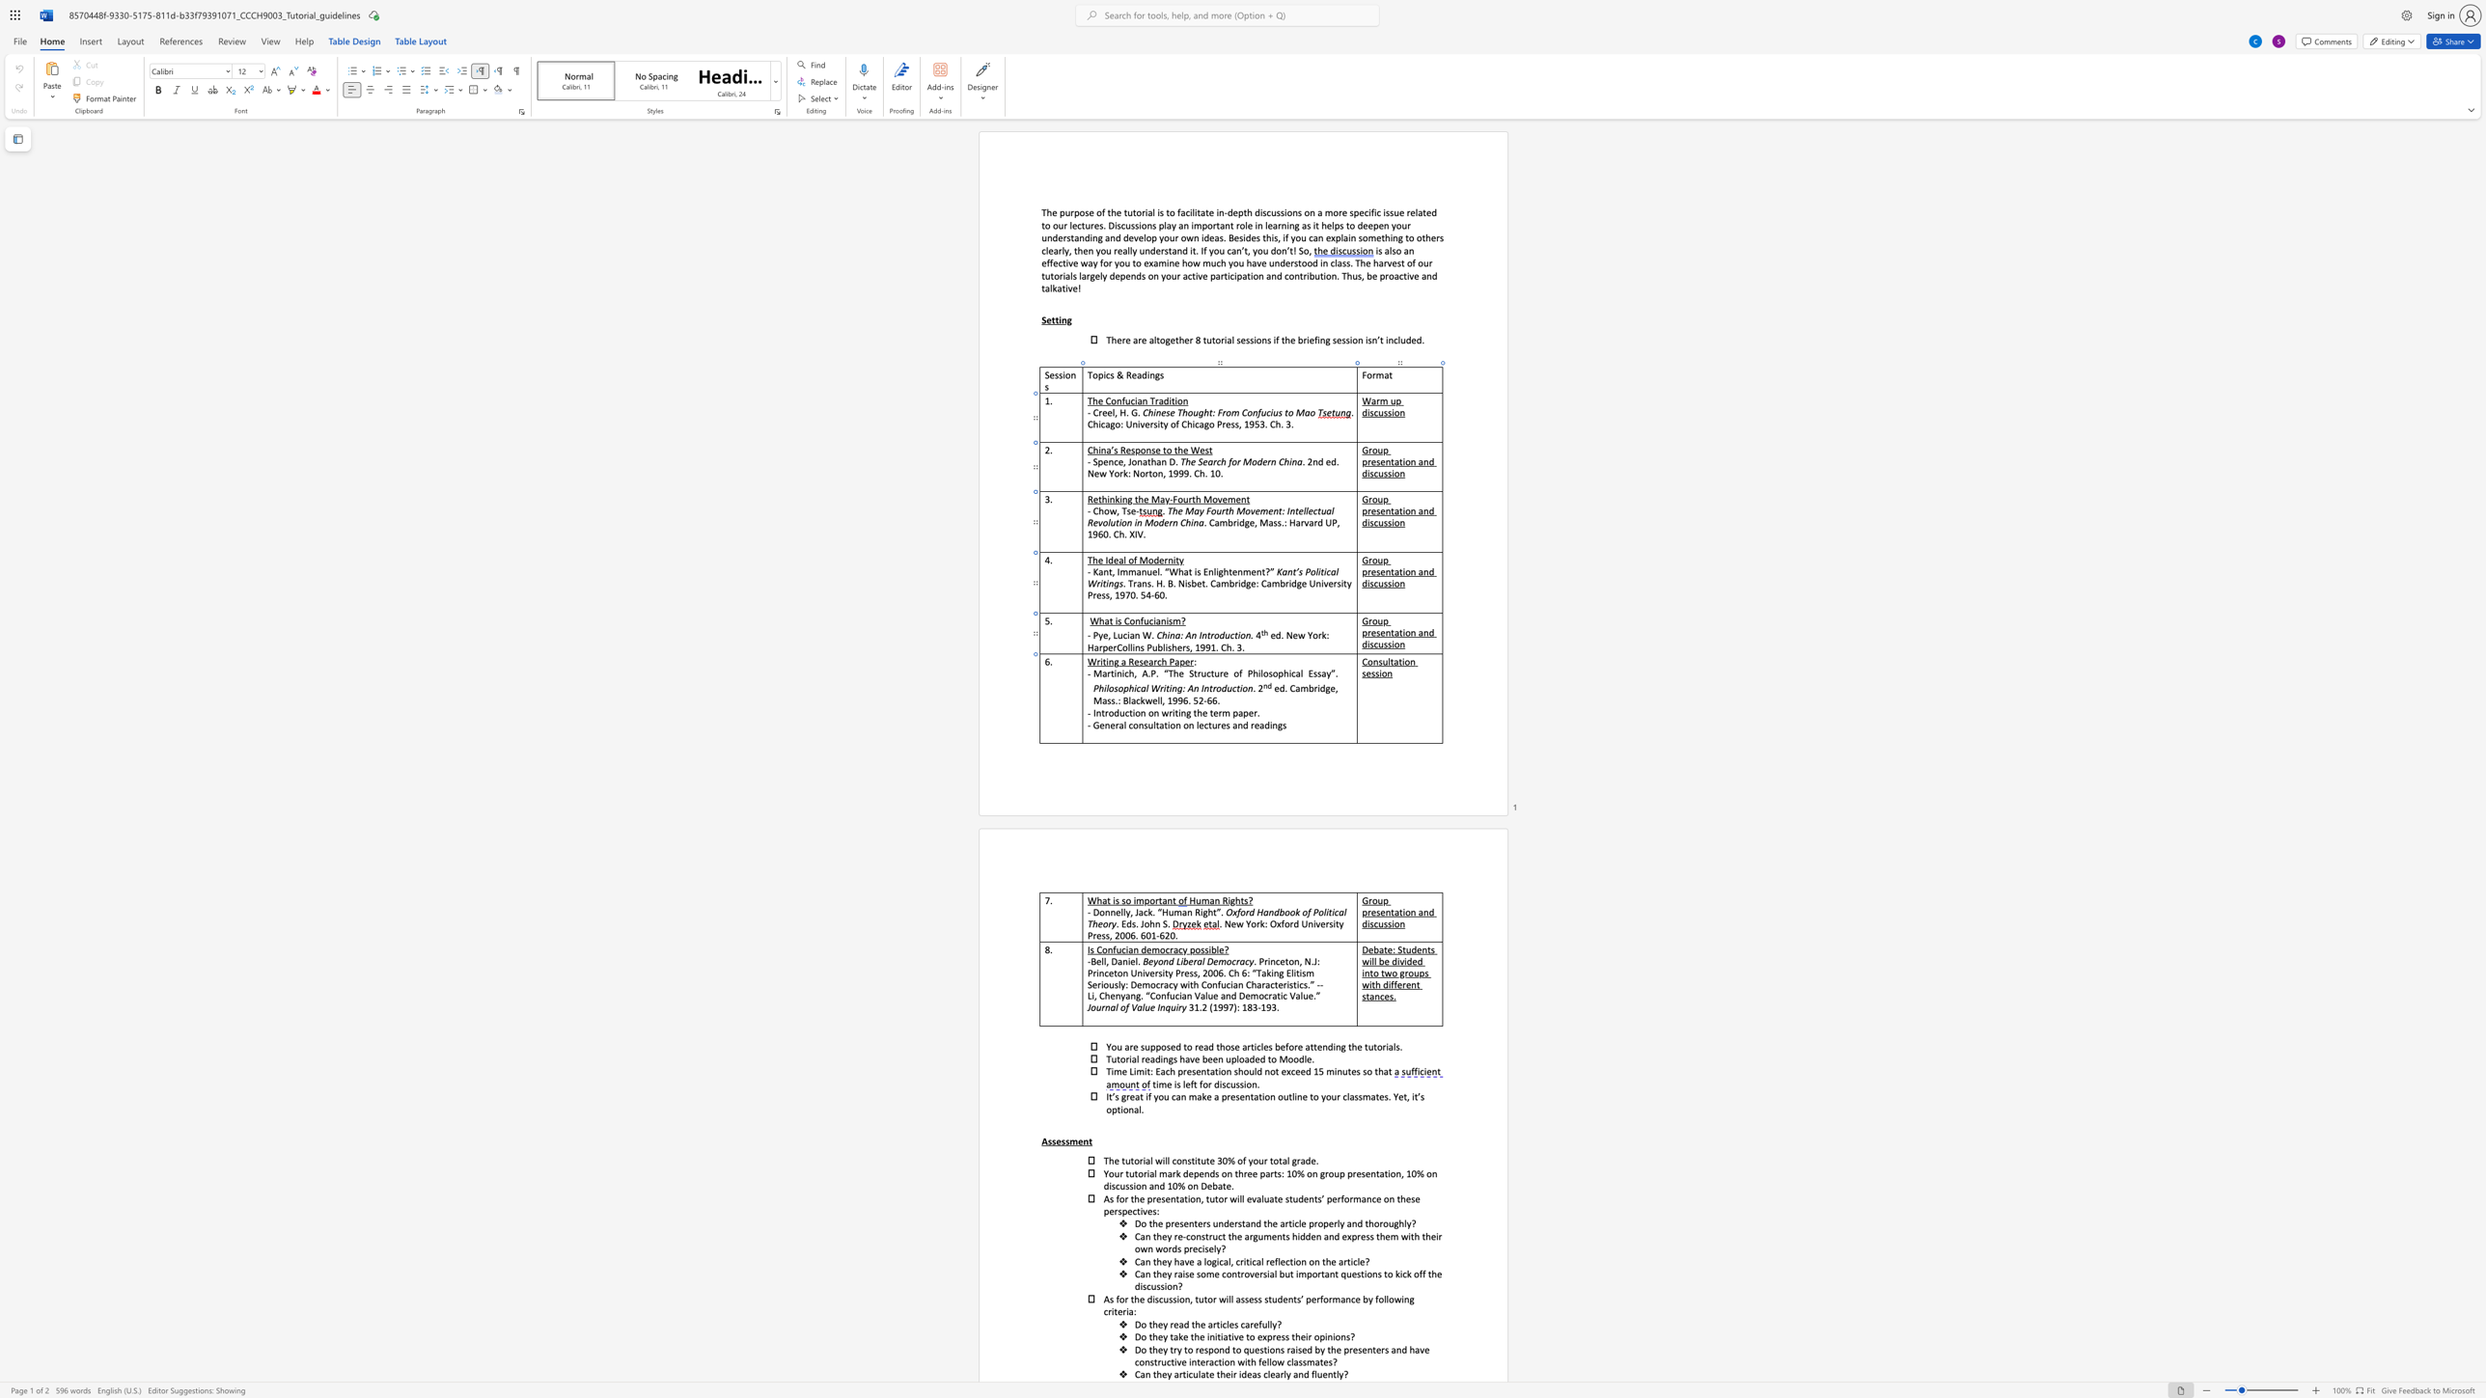 This screenshot has width=2486, height=1398. Describe the element at coordinates (1393, 632) in the screenshot. I see `the 1th character "t" in the text` at that location.